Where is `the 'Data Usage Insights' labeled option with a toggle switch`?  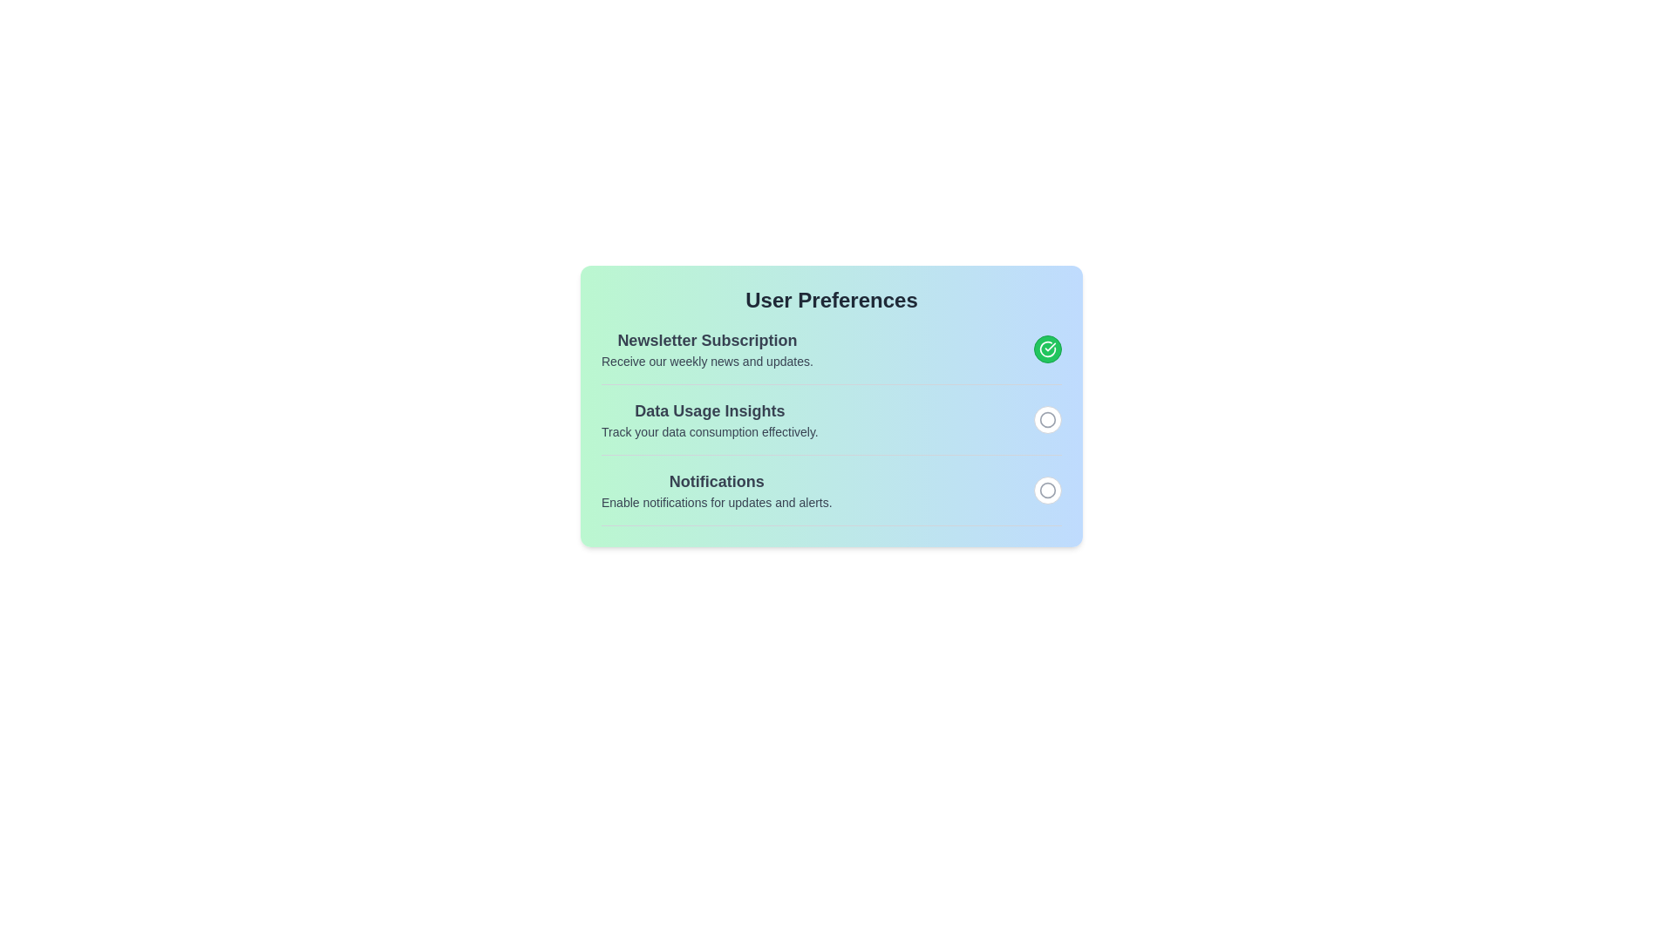
the 'Data Usage Insights' labeled option with a toggle switch is located at coordinates (831, 426).